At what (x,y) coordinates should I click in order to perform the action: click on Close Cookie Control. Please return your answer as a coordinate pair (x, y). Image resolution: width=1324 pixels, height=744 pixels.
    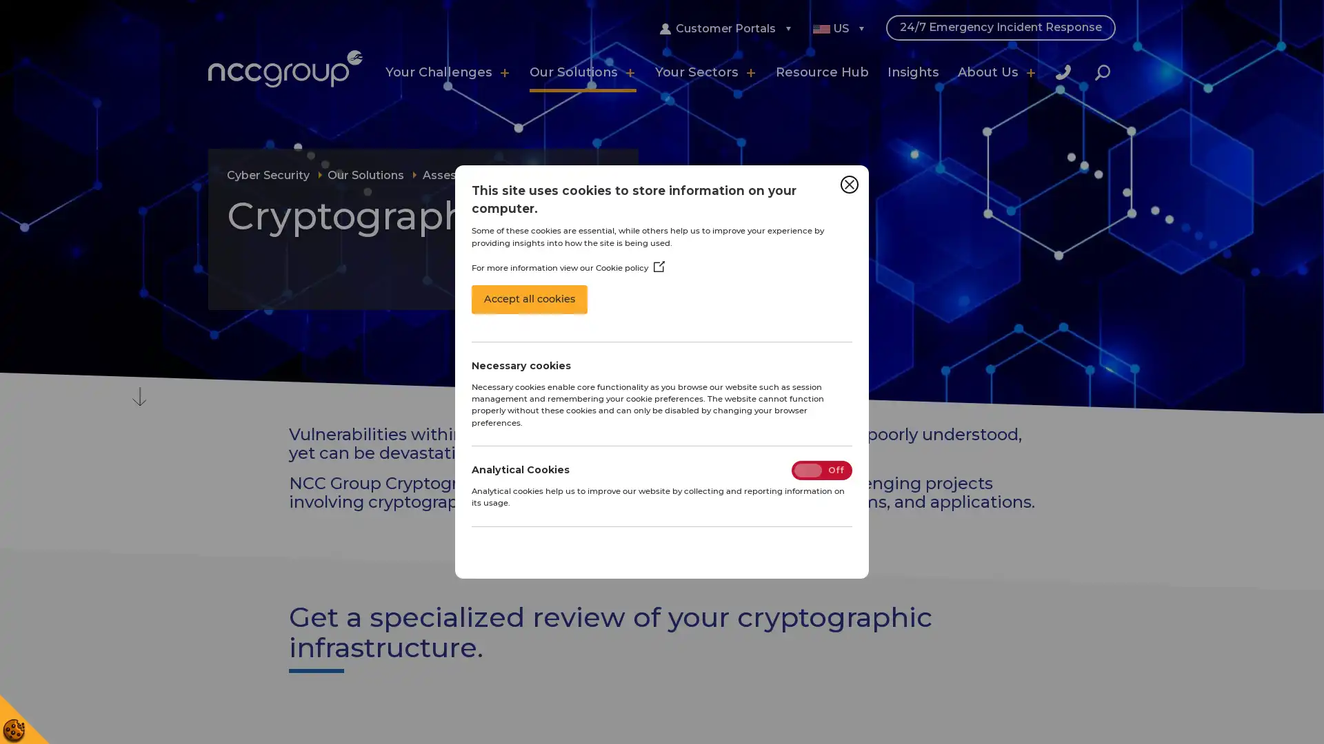
    Looking at the image, I should click on (849, 183).